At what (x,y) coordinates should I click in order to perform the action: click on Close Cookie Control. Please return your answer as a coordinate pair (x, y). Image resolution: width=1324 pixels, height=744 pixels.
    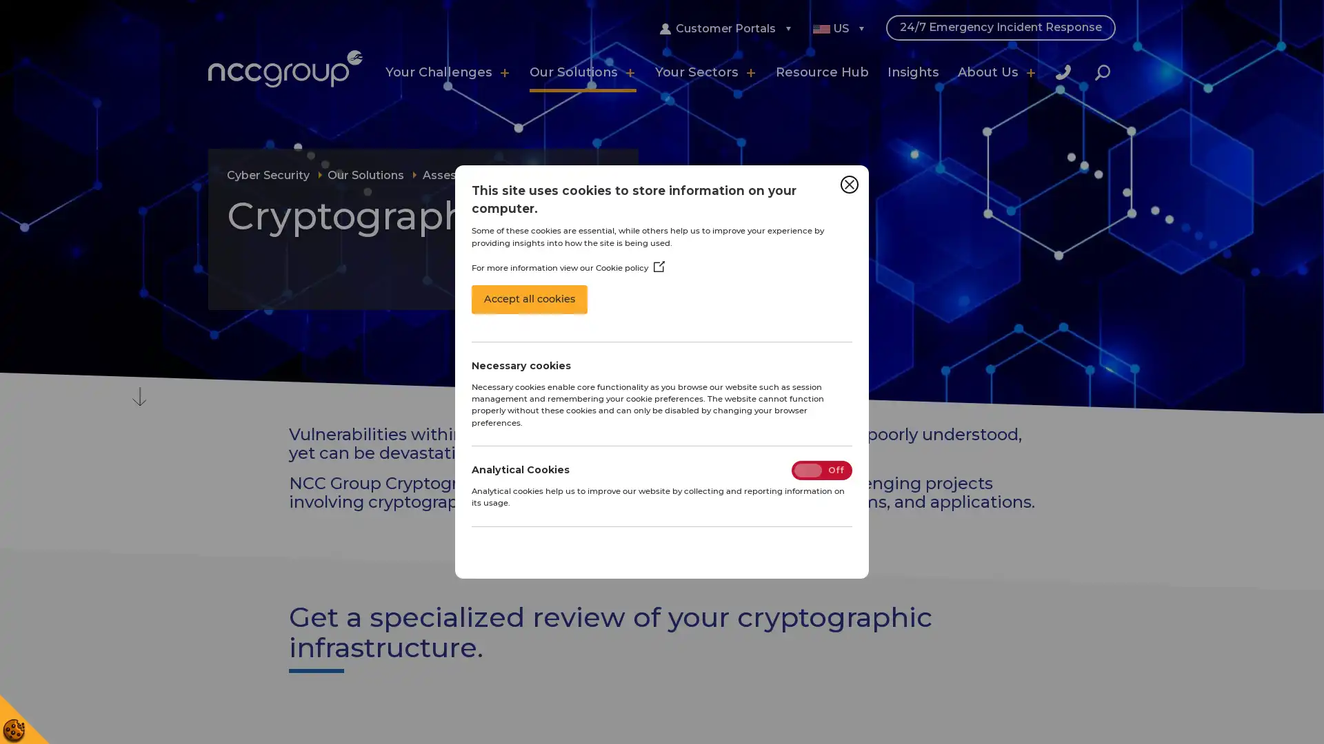
    Looking at the image, I should click on (849, 183).